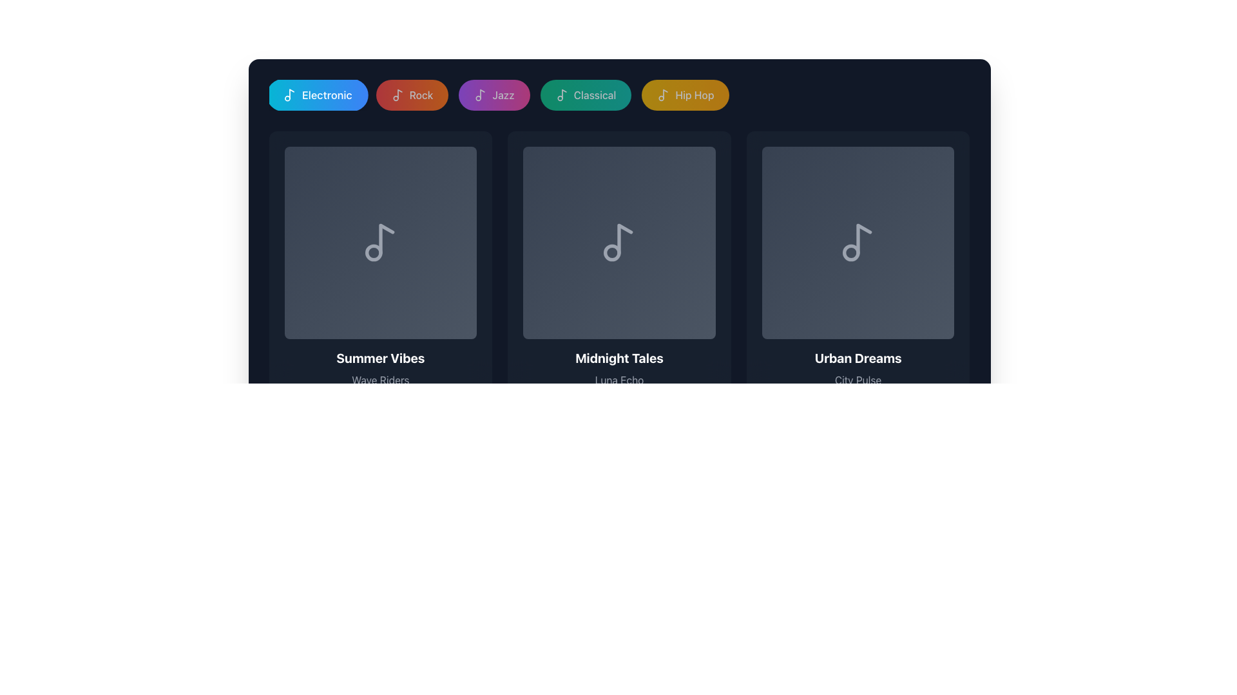  What do you see at coordinates (858, 358) in the screenshot?
I see `the text label that displays the title of the featured item, located centrally in the middle column above 'City Pulse' and '42:208 tracks'` at bounding box center [858, 358].